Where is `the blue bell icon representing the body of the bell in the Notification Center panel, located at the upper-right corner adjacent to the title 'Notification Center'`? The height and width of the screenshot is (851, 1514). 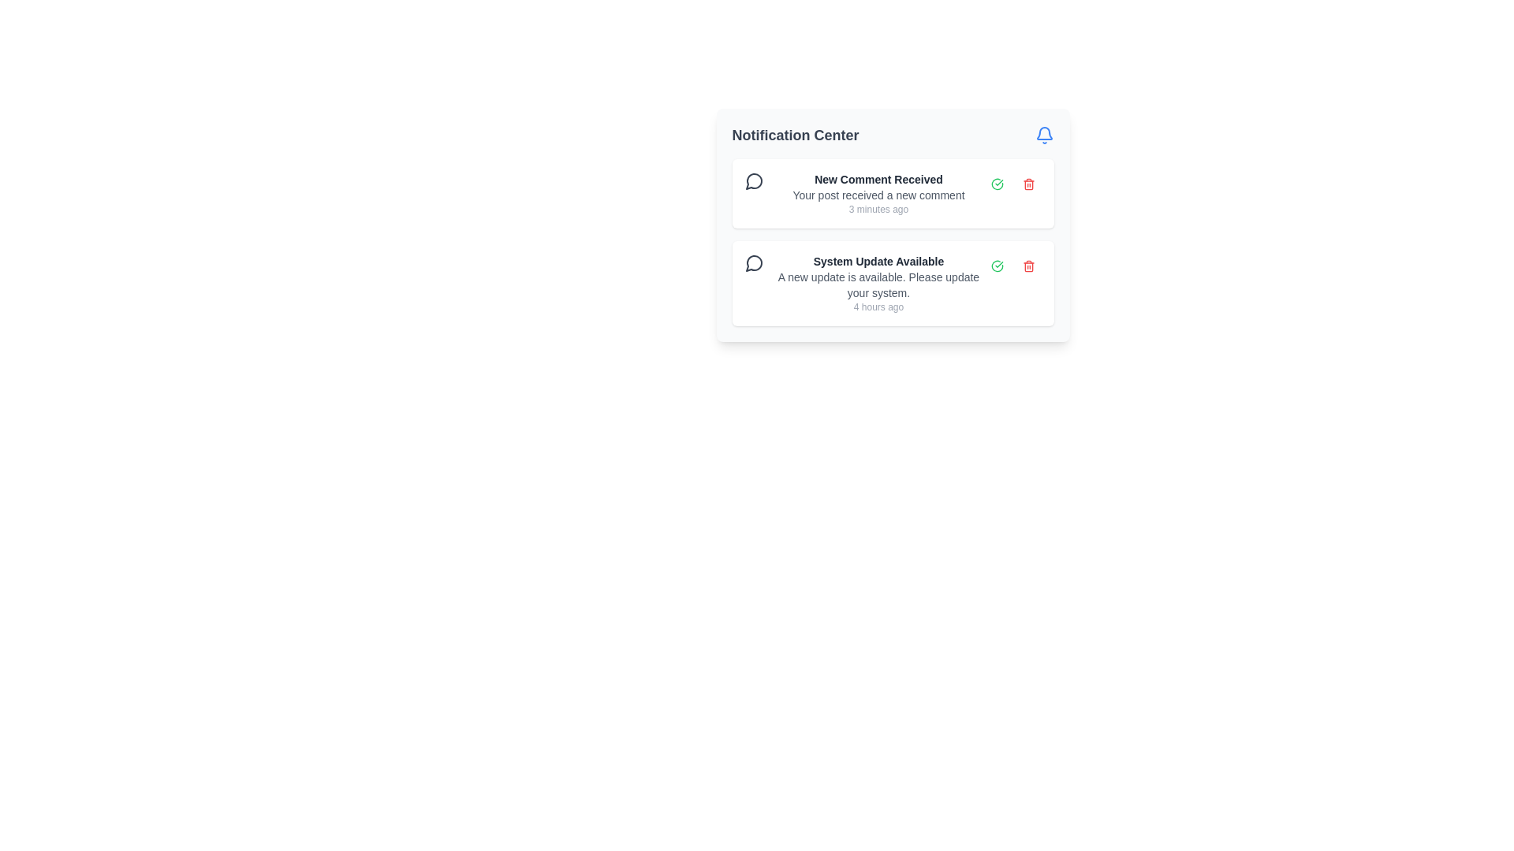 the blue bell icon representing the body of the bell in the Notification Center panel, located at the upper-right corner adjacent to the title 'Notification Center' is located at coordinates (1044, 132).